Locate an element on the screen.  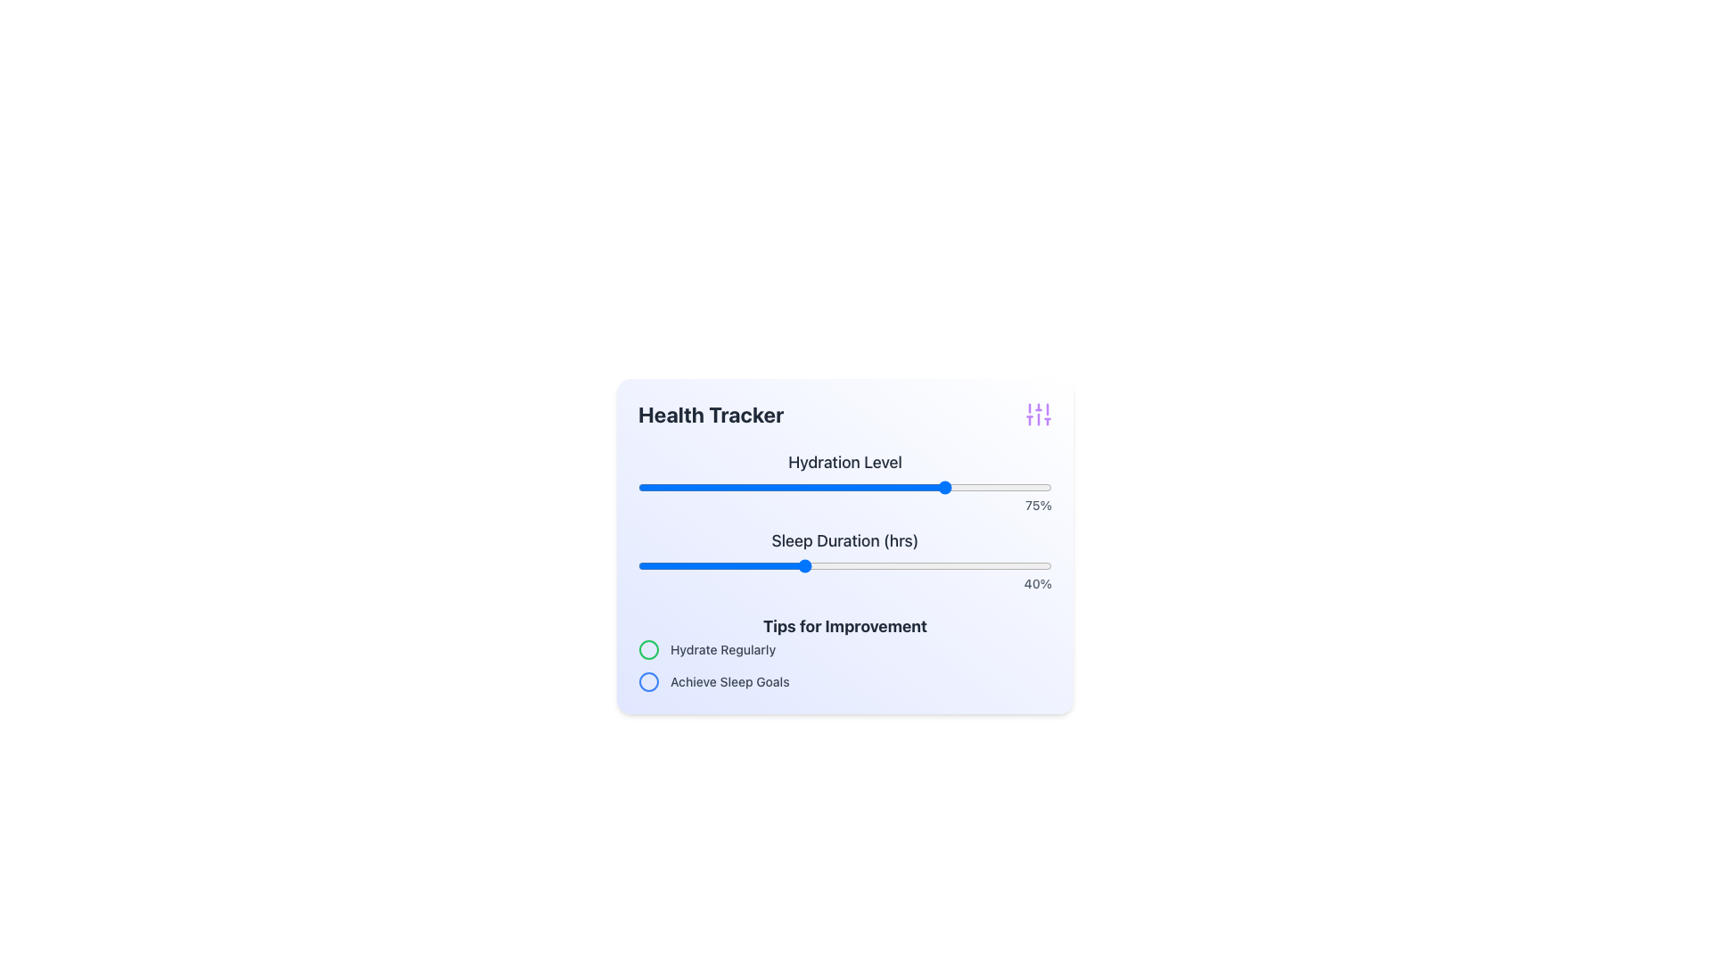
the sleep duration is located at coordinates (679, 566).